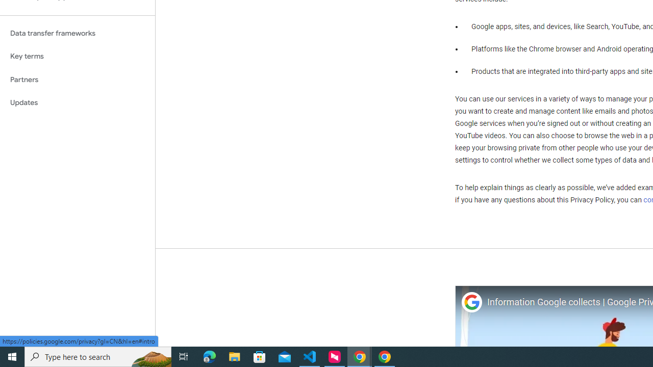 This screenshot has width=653, height=367. I want to click on 'Photo image of Google', so click(471, 302).